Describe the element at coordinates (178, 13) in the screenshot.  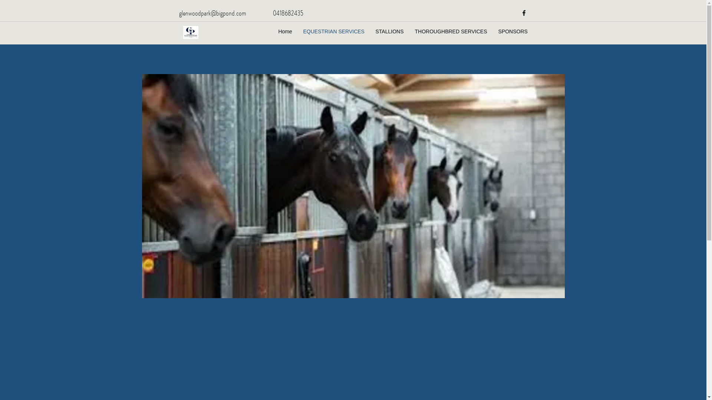
I see `'glenwoodpark@bigpond.com'` at that location.